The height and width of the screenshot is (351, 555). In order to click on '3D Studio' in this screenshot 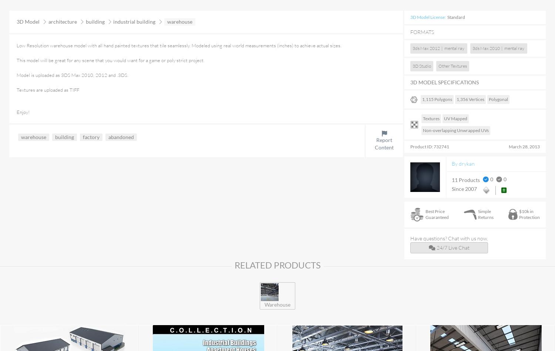, I will do `click(422, 65)`.